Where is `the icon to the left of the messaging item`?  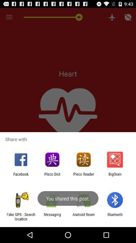 the icon to the left of the messaging item is located at coordinates (21, 216).